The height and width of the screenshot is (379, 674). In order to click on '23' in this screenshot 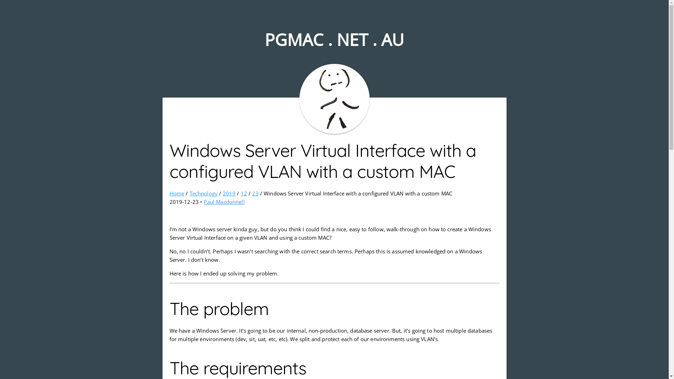, I will do `click(255, 193)`.